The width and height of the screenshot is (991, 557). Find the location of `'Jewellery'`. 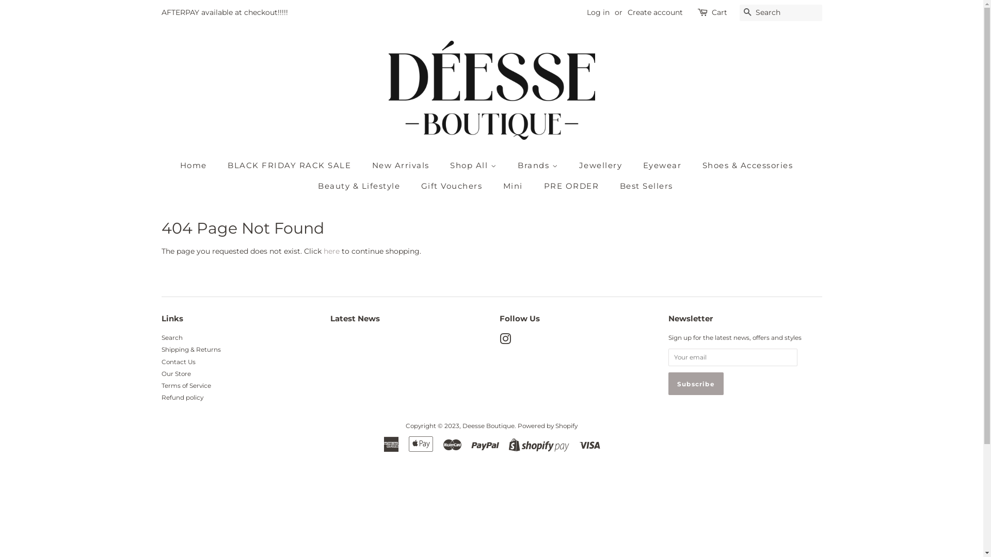

'Jewellery' is located at coordinates (602, 165).